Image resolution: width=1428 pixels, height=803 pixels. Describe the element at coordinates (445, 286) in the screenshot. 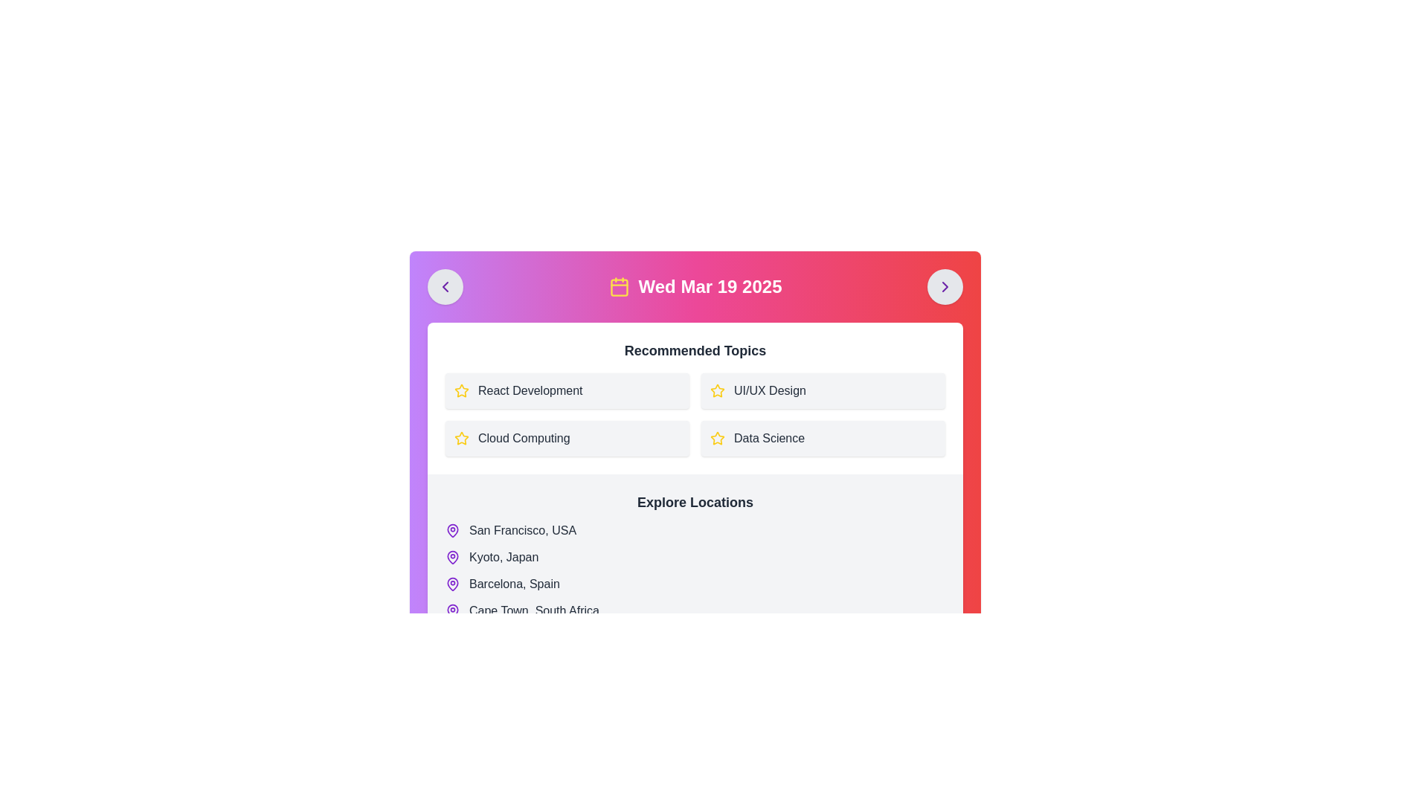

I see `the left-pointing chevron icon inside the circular button with a light gray background and purple border located in the top-left corner of the interface` at that location.